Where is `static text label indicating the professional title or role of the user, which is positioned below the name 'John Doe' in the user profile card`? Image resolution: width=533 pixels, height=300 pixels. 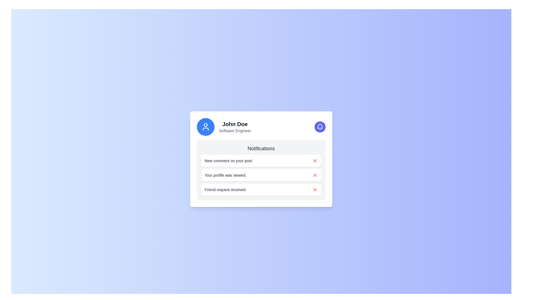
static text label indicating the professional title or role of the user, which is positioned below the name 'John Doe' in the user profile card is located at coordinates (235, 131).